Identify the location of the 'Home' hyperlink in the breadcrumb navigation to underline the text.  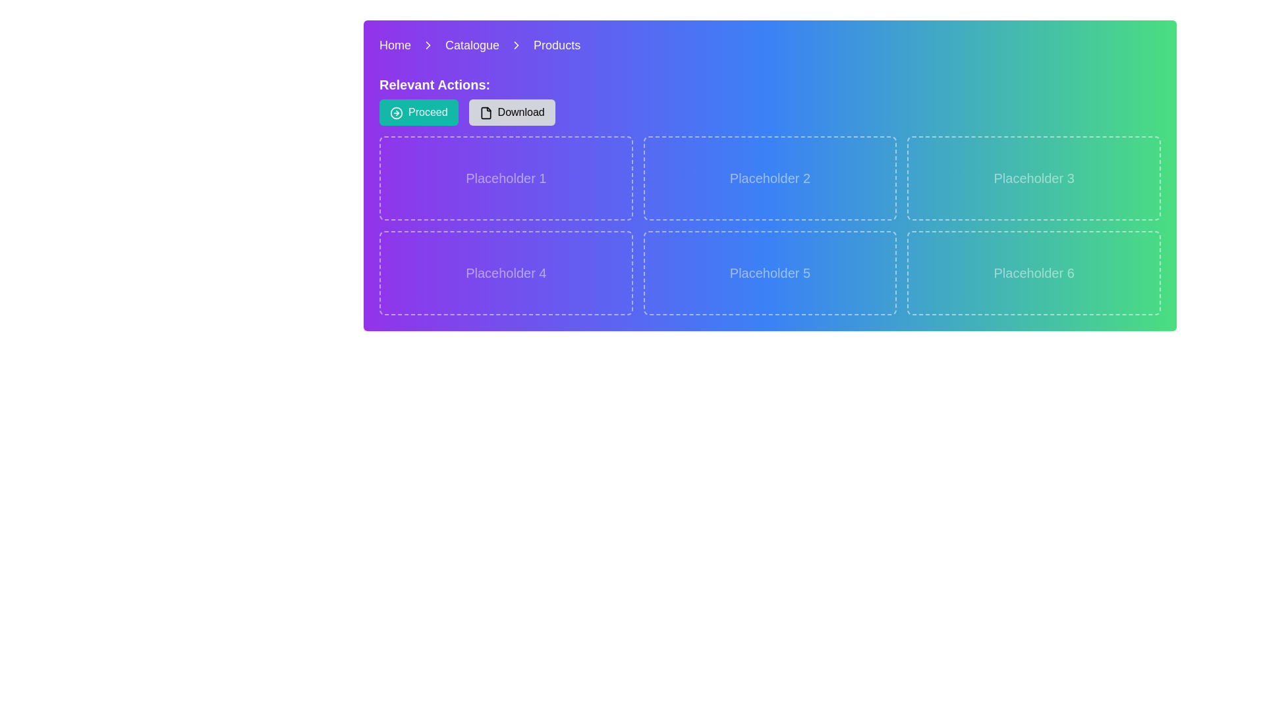
(395, 45).